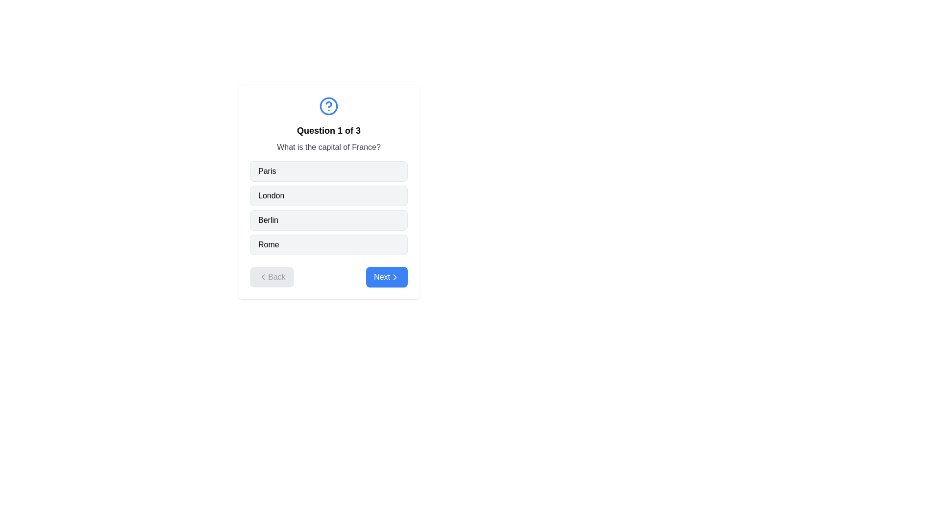 The image size is (941, 529). What do you see at coordinates (395, 277) in the screenshot?
I see `the stylized chevron icon located inside the 'Next' button, which is situated at the bottom-right corner of the question interface, to receive interactive feedback` at bounding box center [395, 277].